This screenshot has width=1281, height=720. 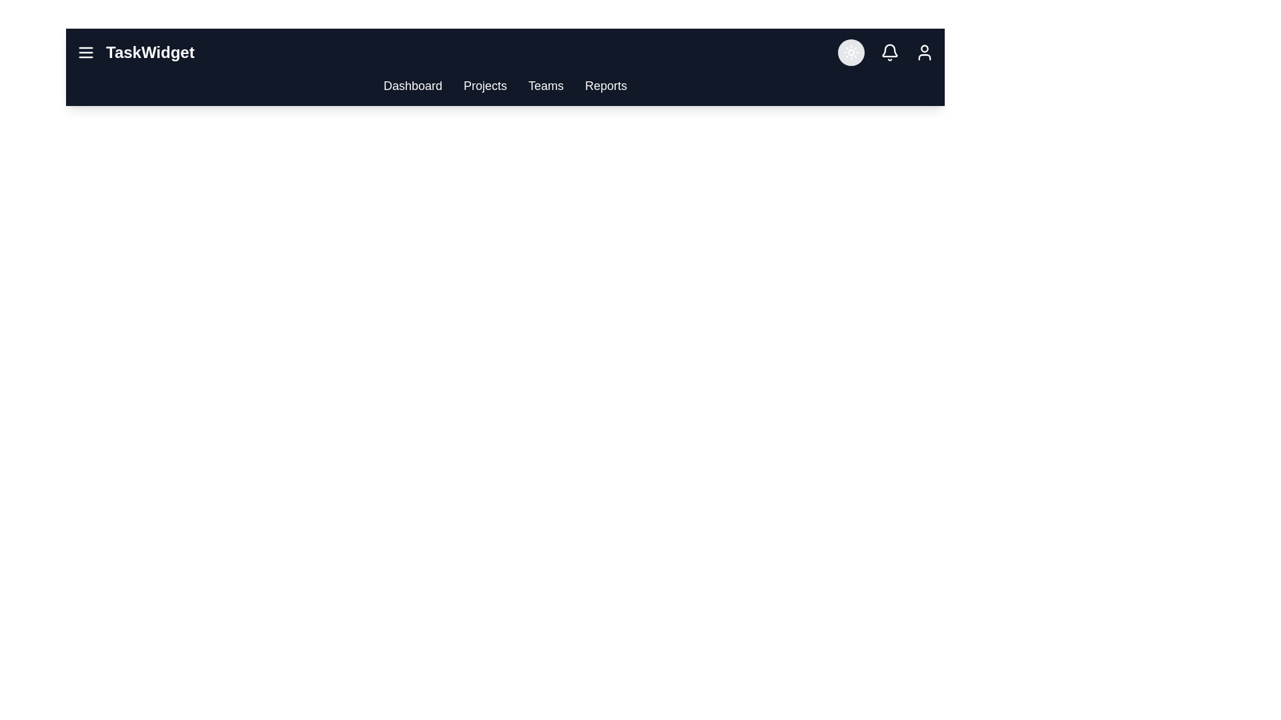 I want to click on the menu icon to toggle the menu, so click(x=85, y=51).